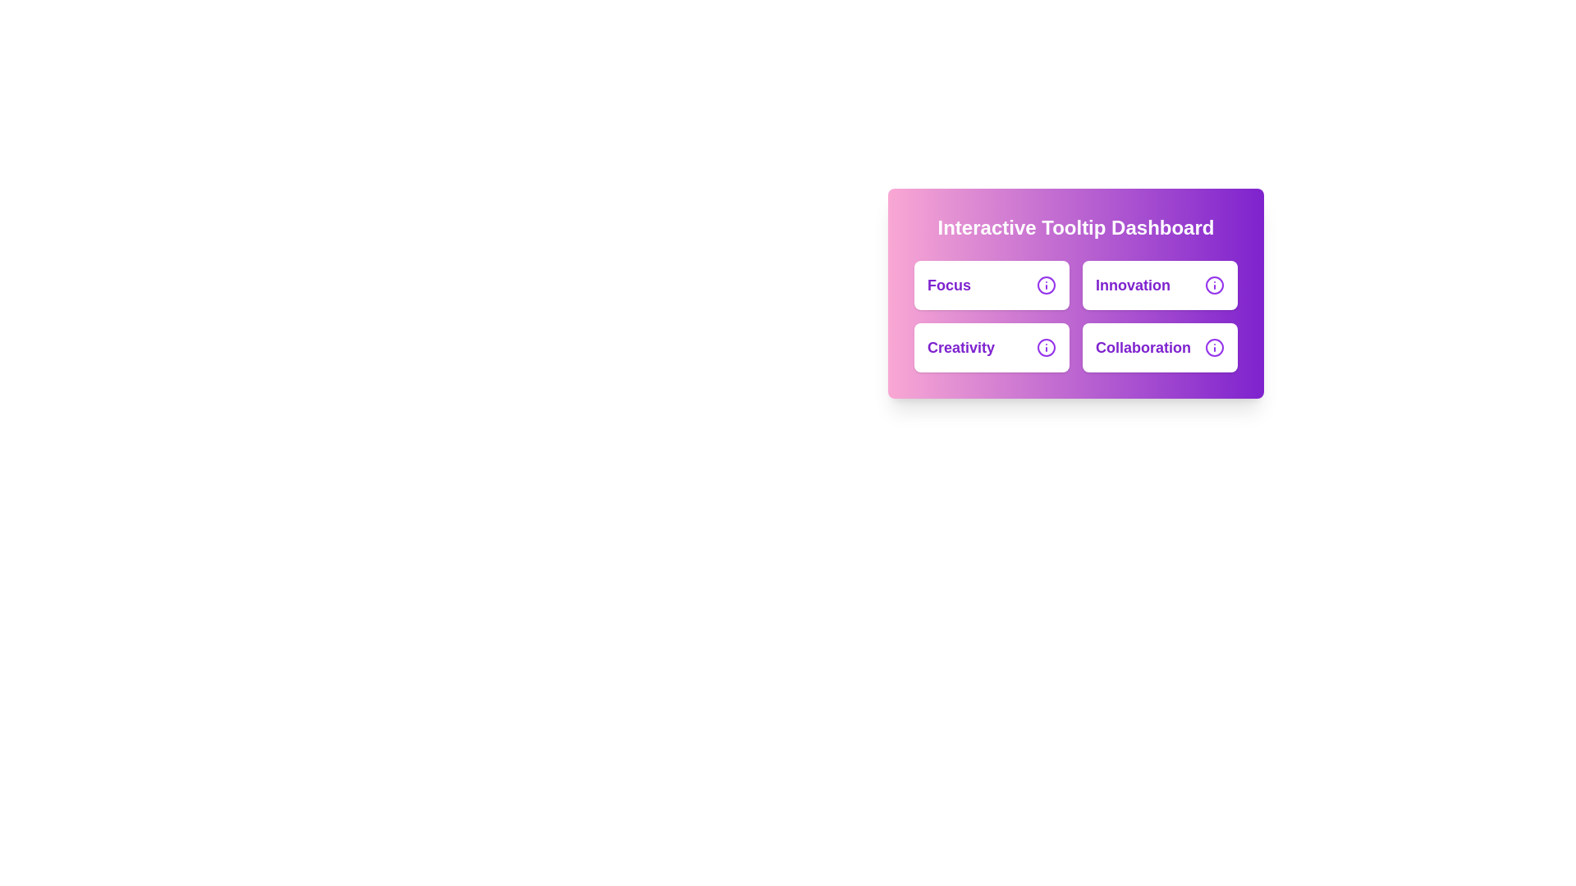  I want to click on the Circular SVG icon related to 'Creativity' in the four-section grid by clicking it to access additional information, so click(1046, 347).